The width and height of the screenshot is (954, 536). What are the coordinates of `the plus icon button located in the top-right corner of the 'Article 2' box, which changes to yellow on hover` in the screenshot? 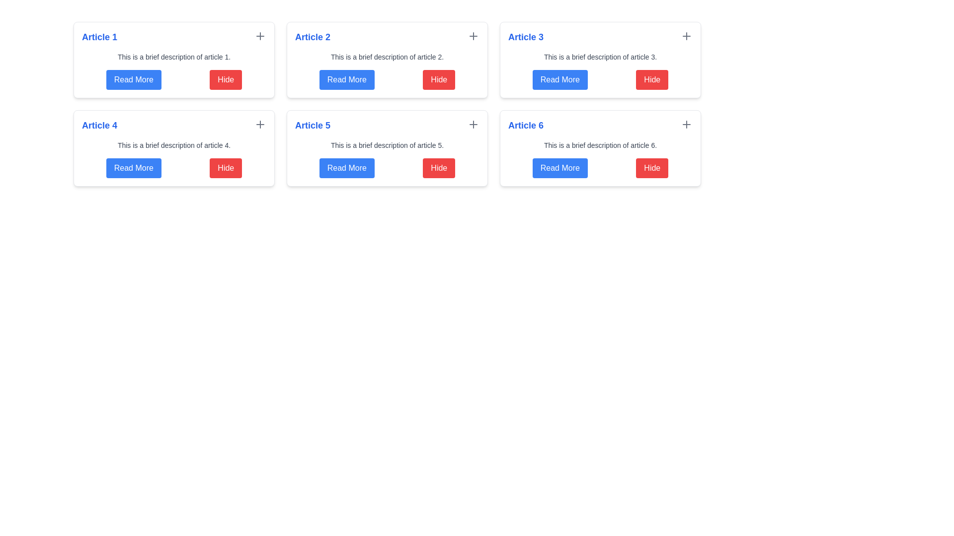 It's located at (473, 36).